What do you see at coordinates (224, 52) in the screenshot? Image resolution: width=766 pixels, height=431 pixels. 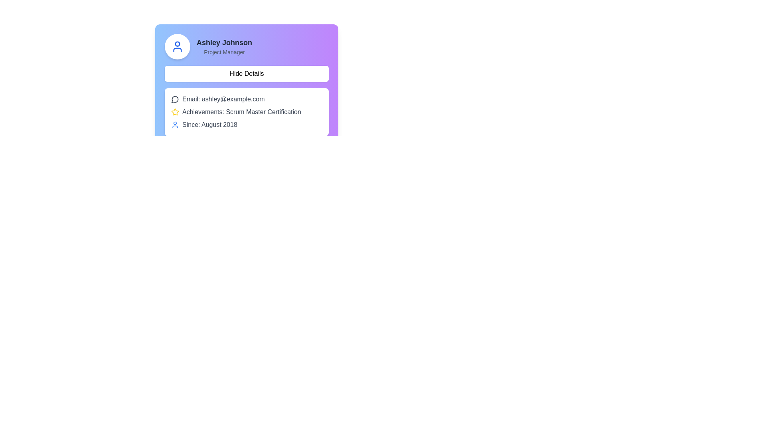 I see `the text label that reads 'Project Manager', which is styled with a smaller font size and gray color, positioned below the 'Ashley Johnson' label` at bounding box center [224, 52].